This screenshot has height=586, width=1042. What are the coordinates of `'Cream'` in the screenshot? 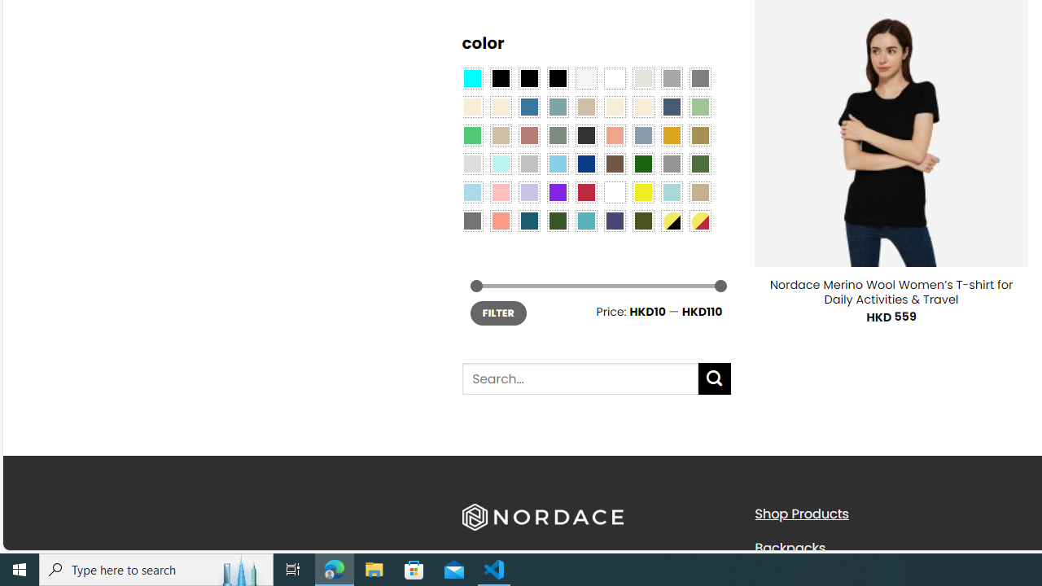 It's located at (641, 107).